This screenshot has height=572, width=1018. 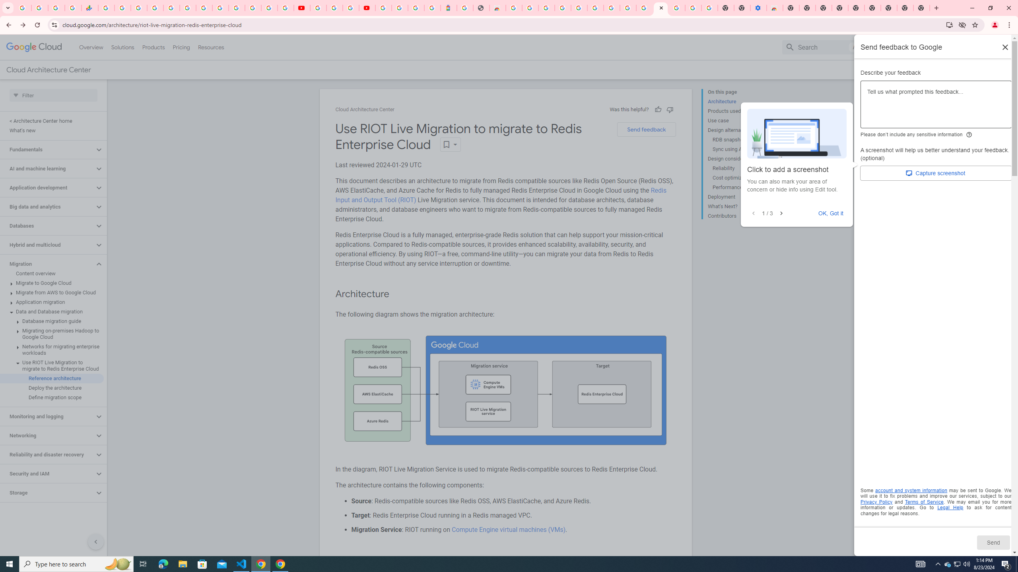 What do you see at coordinates (562, 8) in the screenshot?
I see `'Ad Settings'` at bounding box center [562, 8].